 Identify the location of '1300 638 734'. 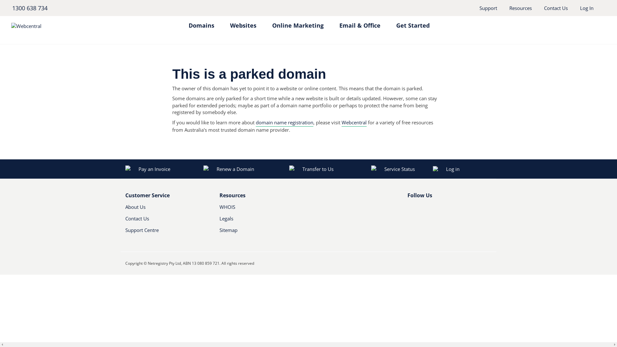
(29, 8).